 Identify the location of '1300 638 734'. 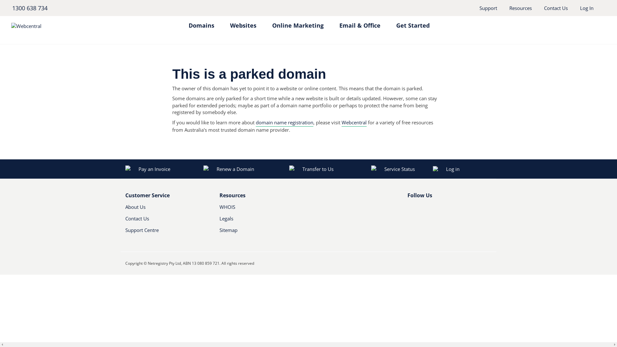
(29, 8).